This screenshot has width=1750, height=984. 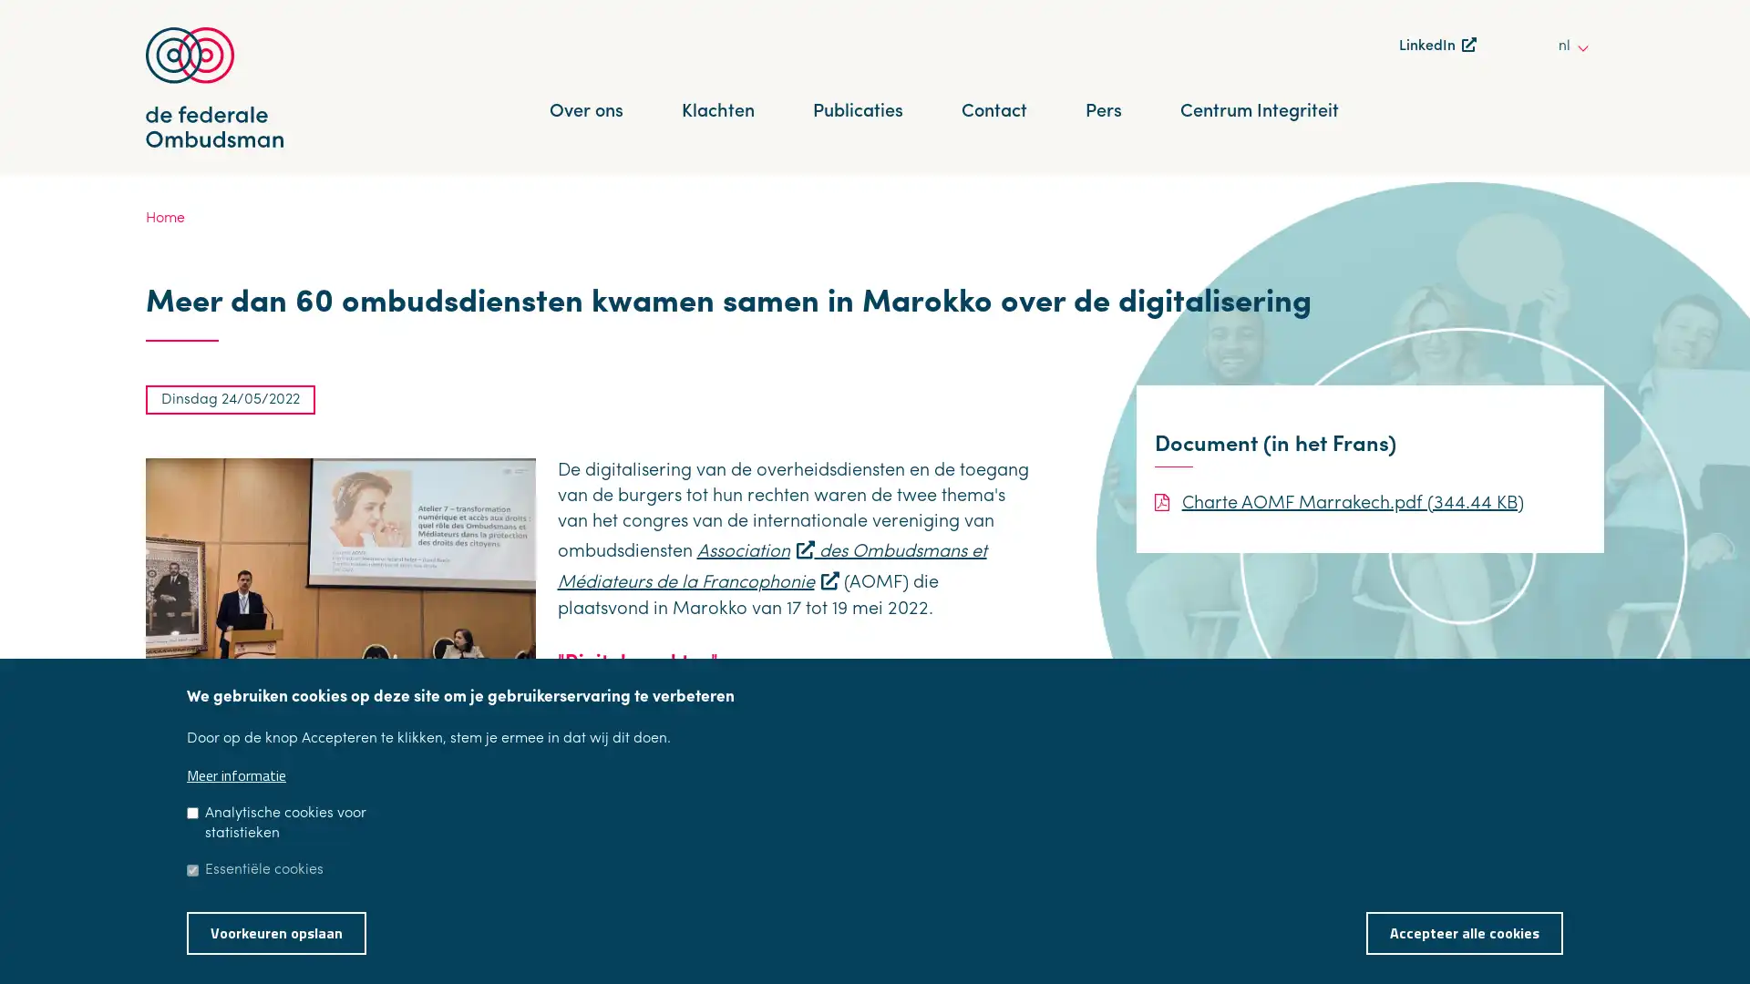 What do you see at coordinates (235, 775) in the screenshot?
I see `Meer informatie` at bounding box center [235, 775].